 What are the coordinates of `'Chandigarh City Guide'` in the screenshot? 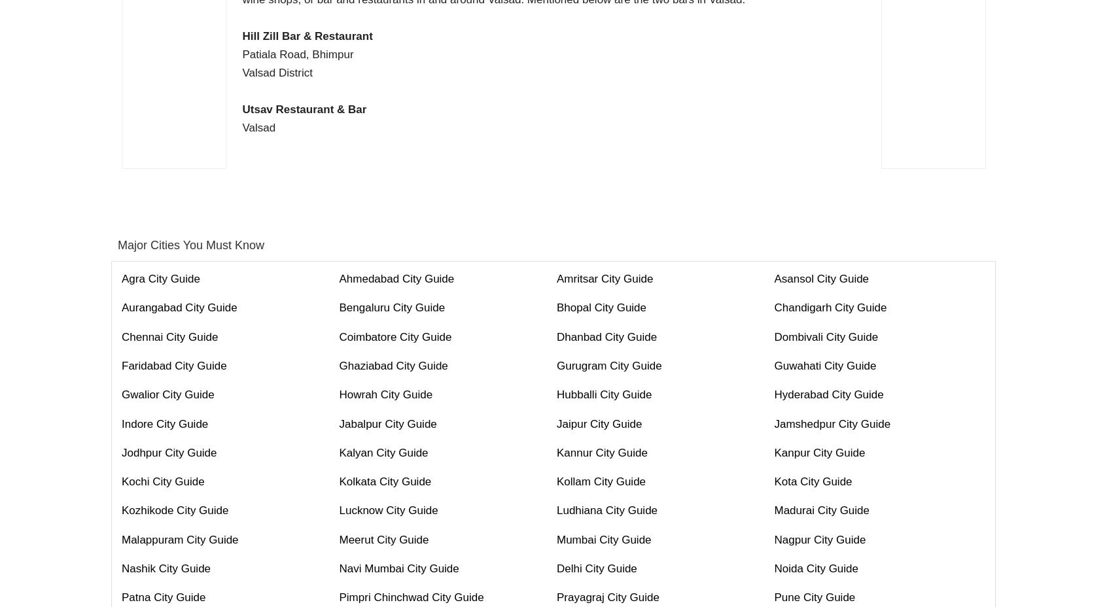 It's located at (830, 307).